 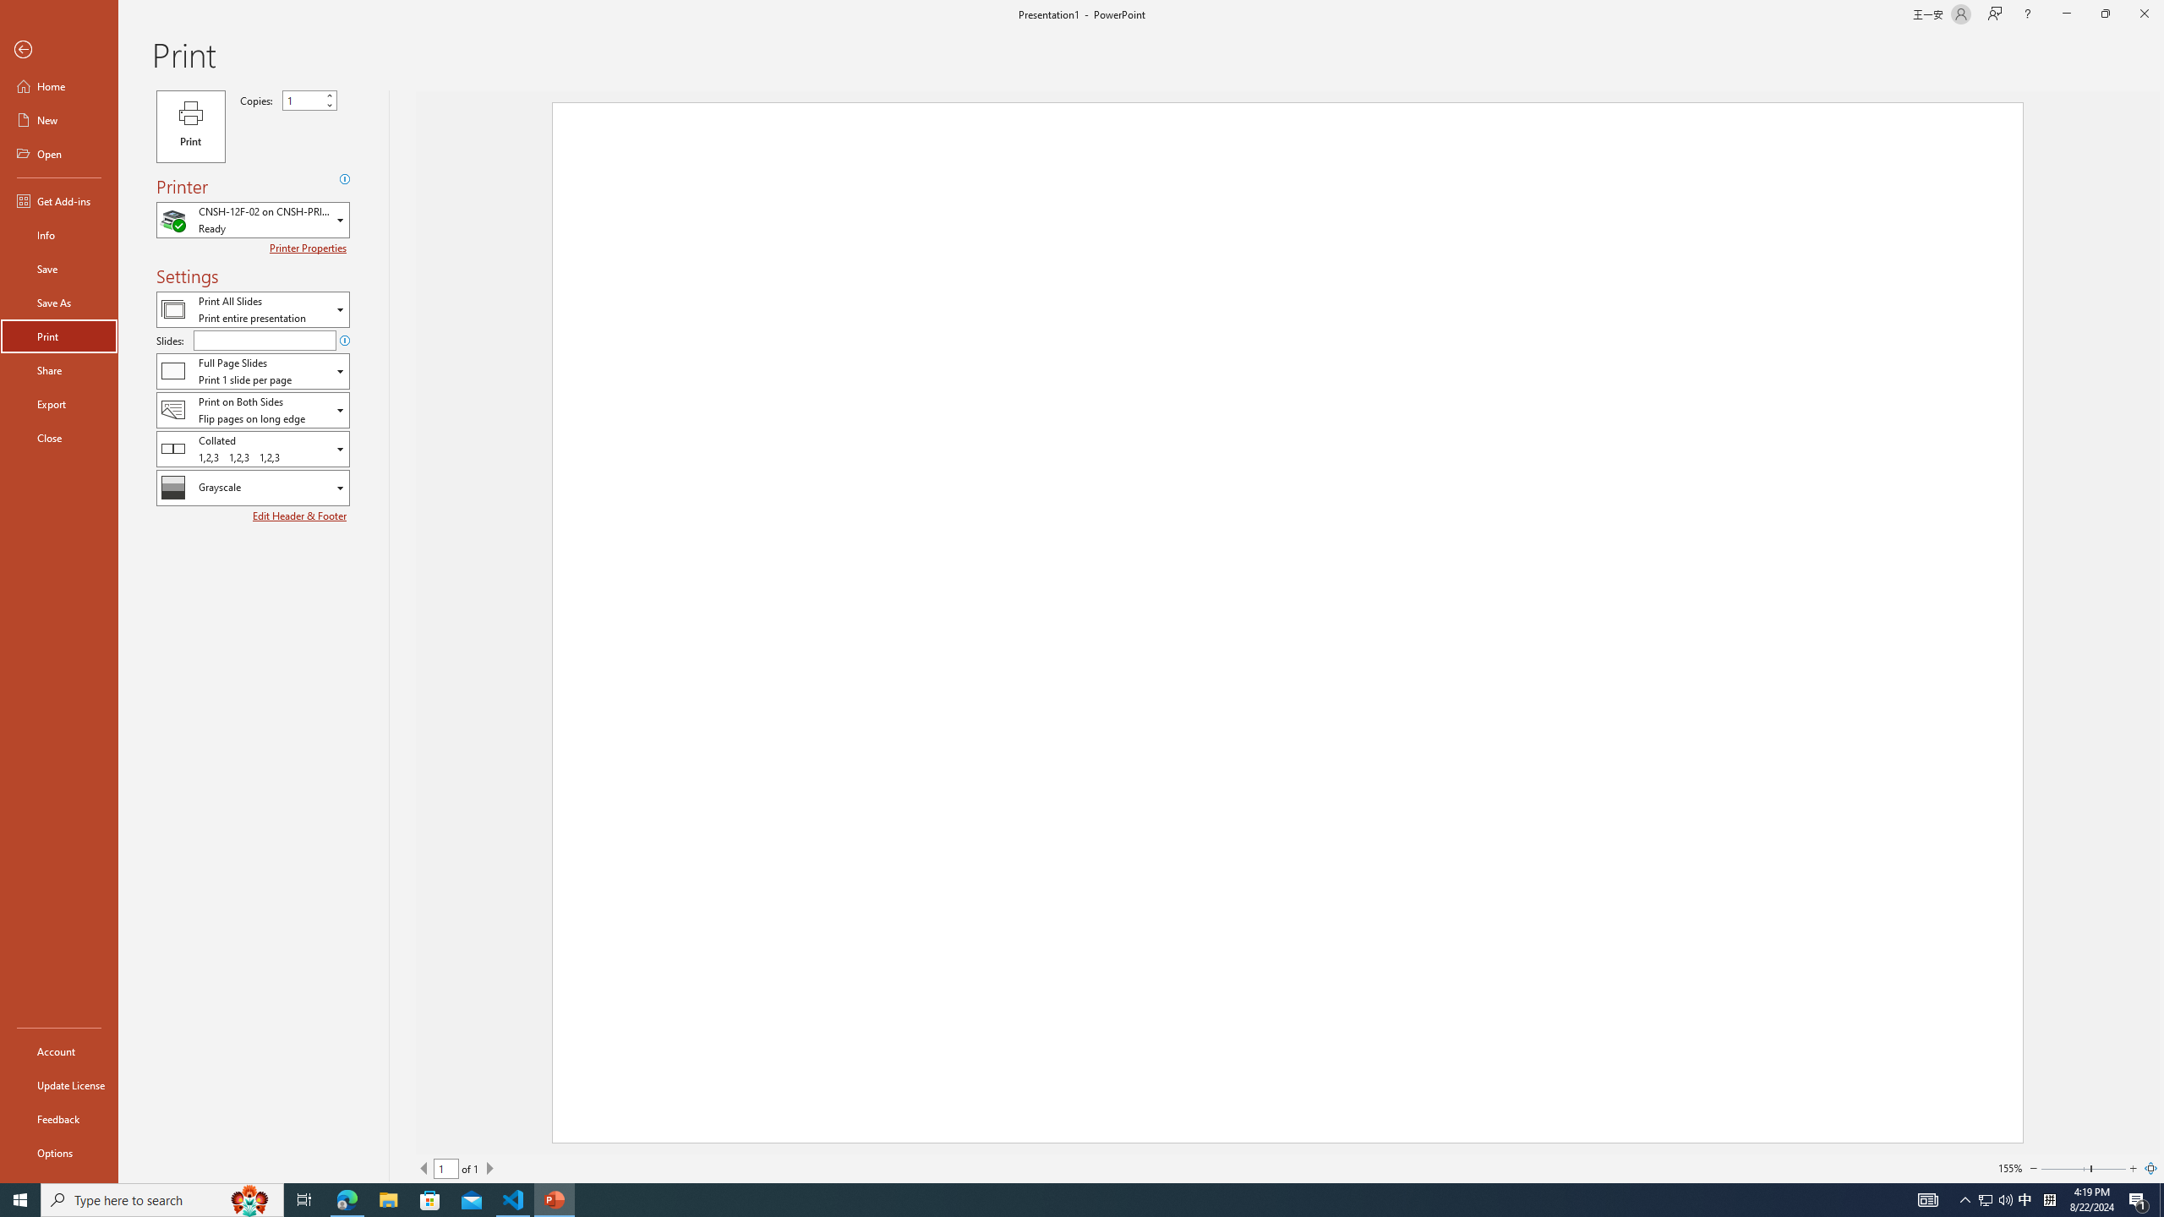 I want to click on 'Collation', so click(x=252, y=449).